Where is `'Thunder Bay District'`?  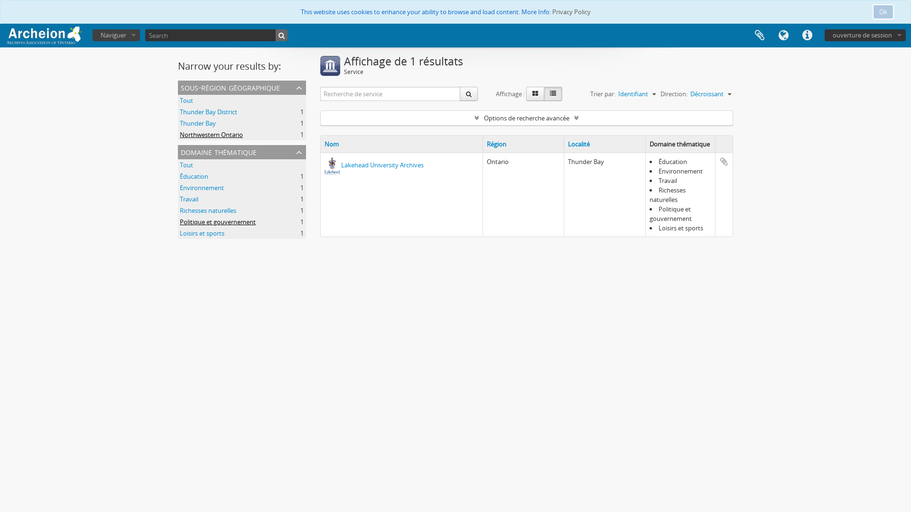
'Thunder Bay District' is located at coordinates (208, 111).